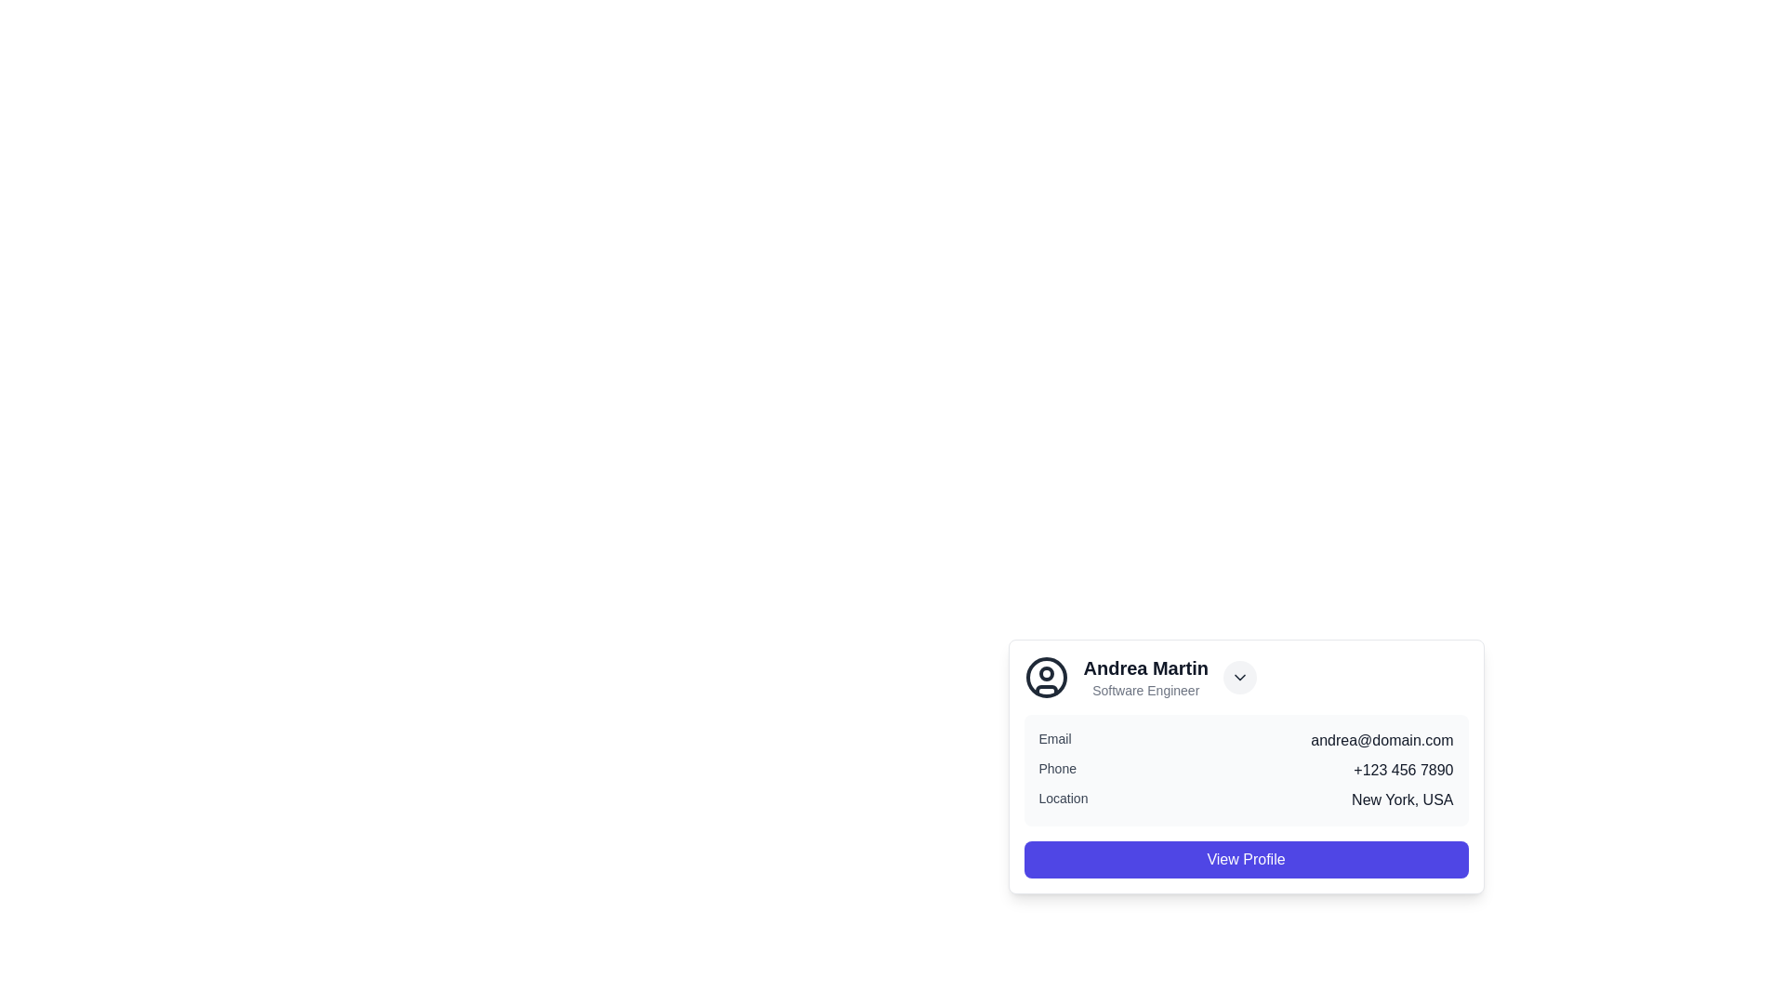 Image resolution: width=1785 pixels, height=1004 pixels. Describe the element at coordinates (1057, 771) in the screenshot. I see `the 'Phone' label in the profile card interface, which describes the associated phone number data` at that location.